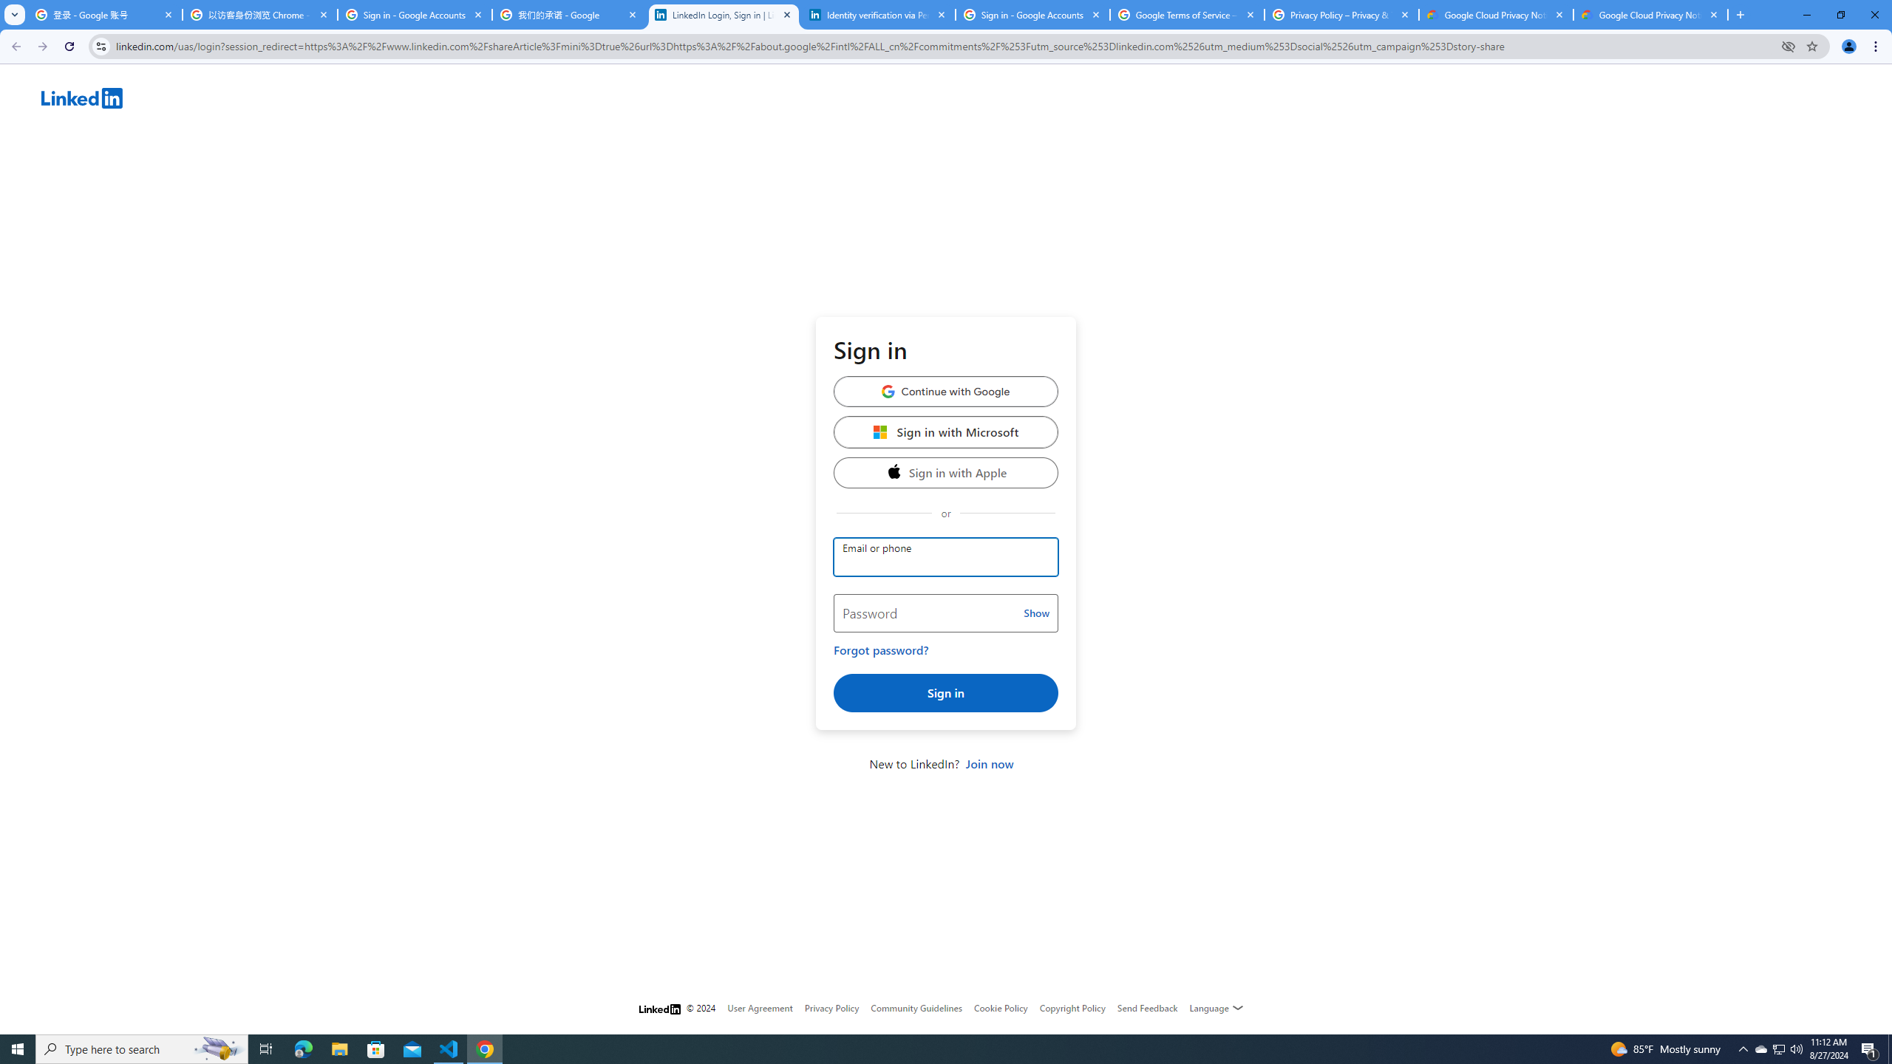 The height and width of the screenshot is (1064, 1892). What do you see at coordinates (988, 764) in the screenshot?
I see `'Join now'` at bounding box center [988, 764].